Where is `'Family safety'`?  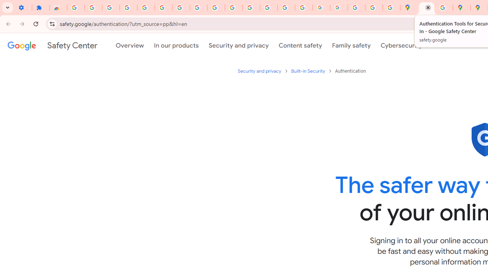 'Family safety' is located at coordinates (351, 45).